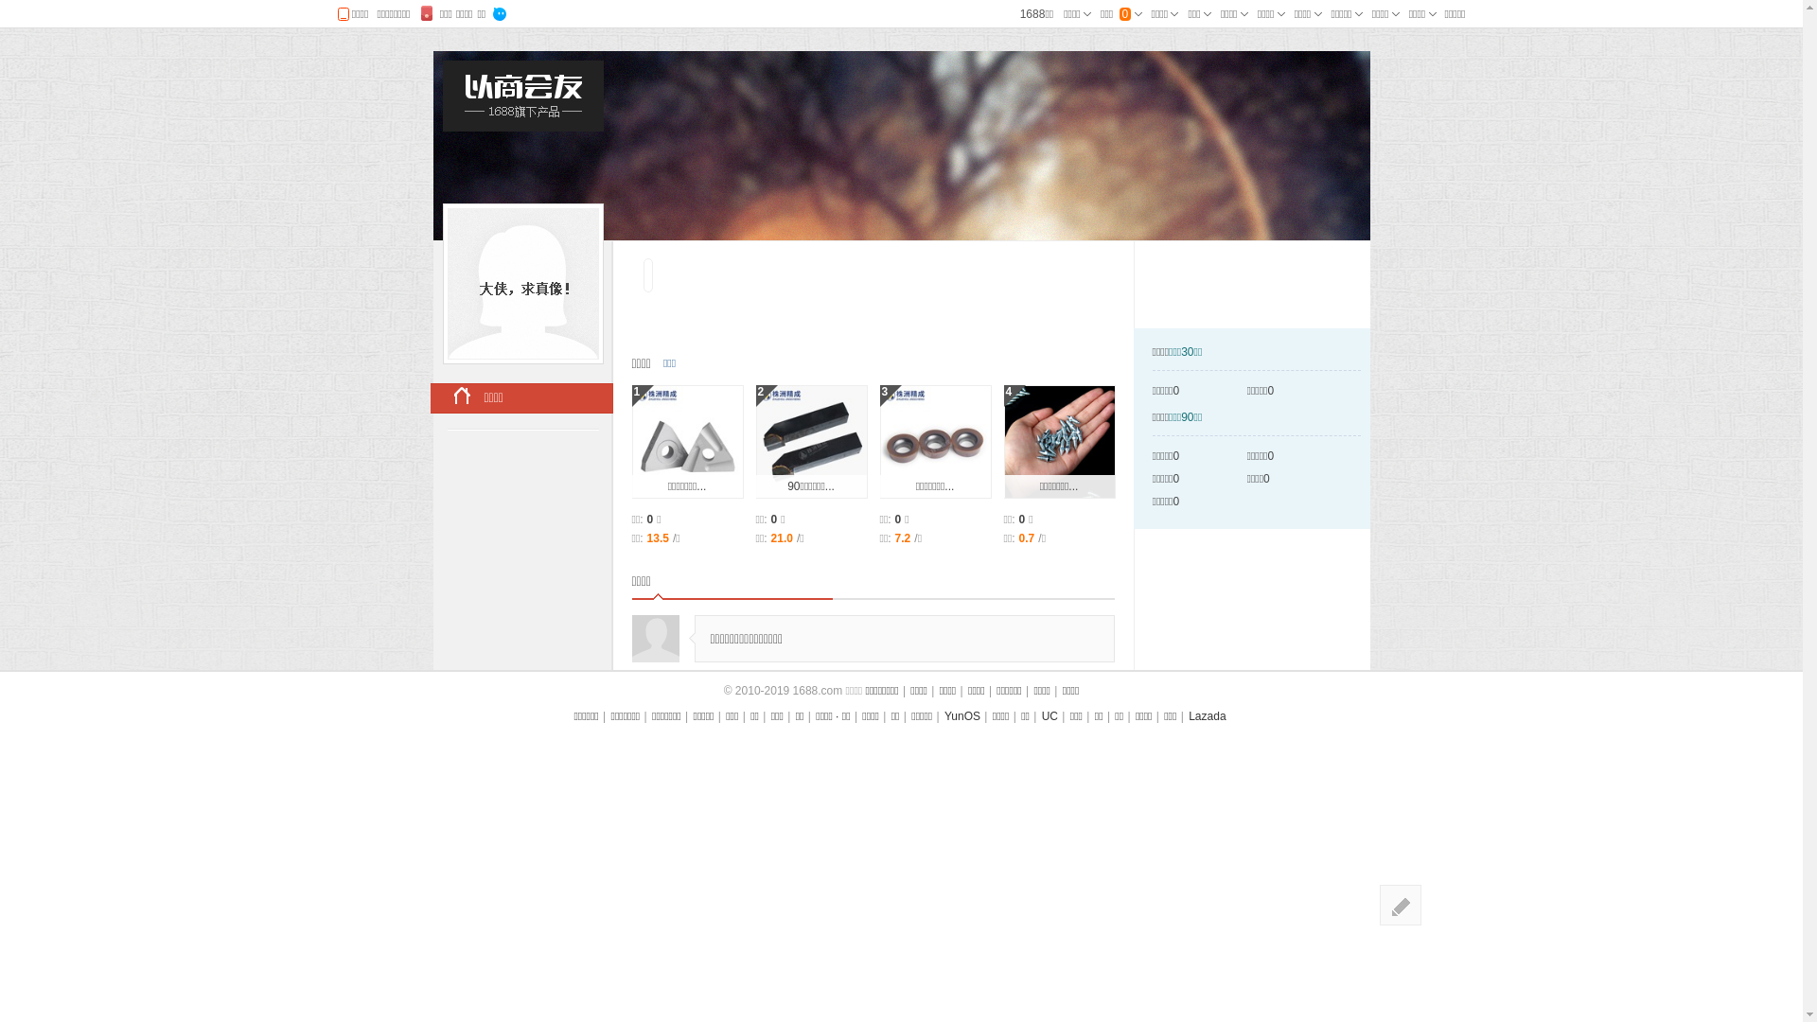  What do you see at coordinates (1206, 715) in the screenshot?
I see `'Lazada'` at bounding box center [1206, 715].